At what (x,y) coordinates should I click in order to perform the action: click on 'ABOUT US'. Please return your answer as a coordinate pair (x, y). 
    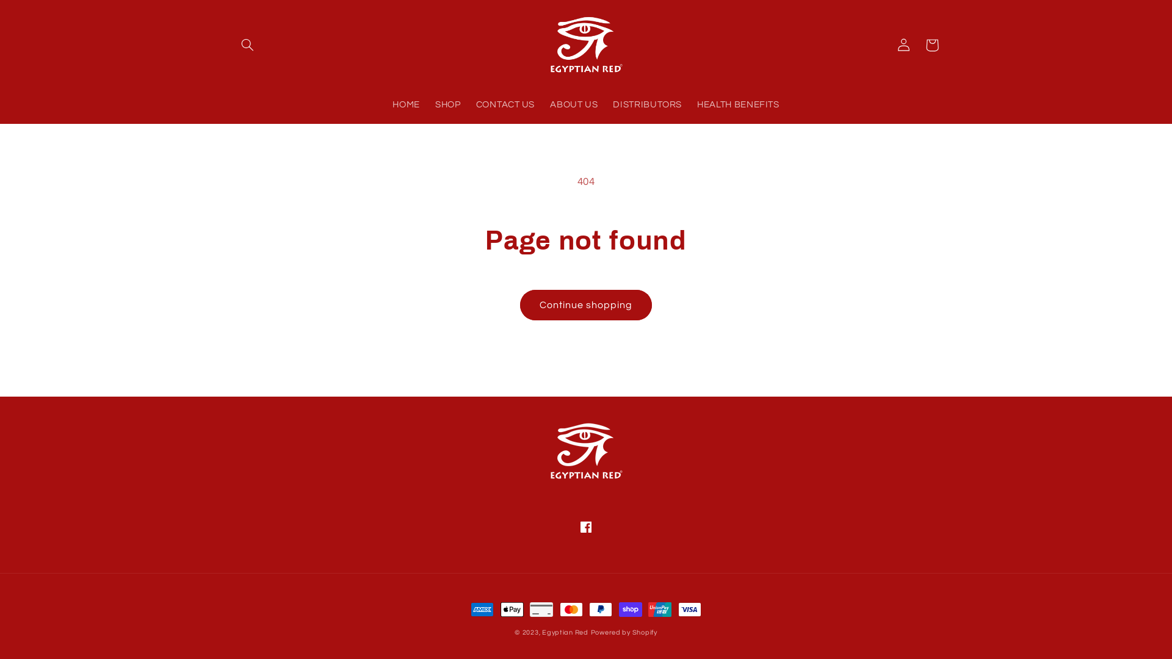
    Looking at the image, I should click on (573, 105).